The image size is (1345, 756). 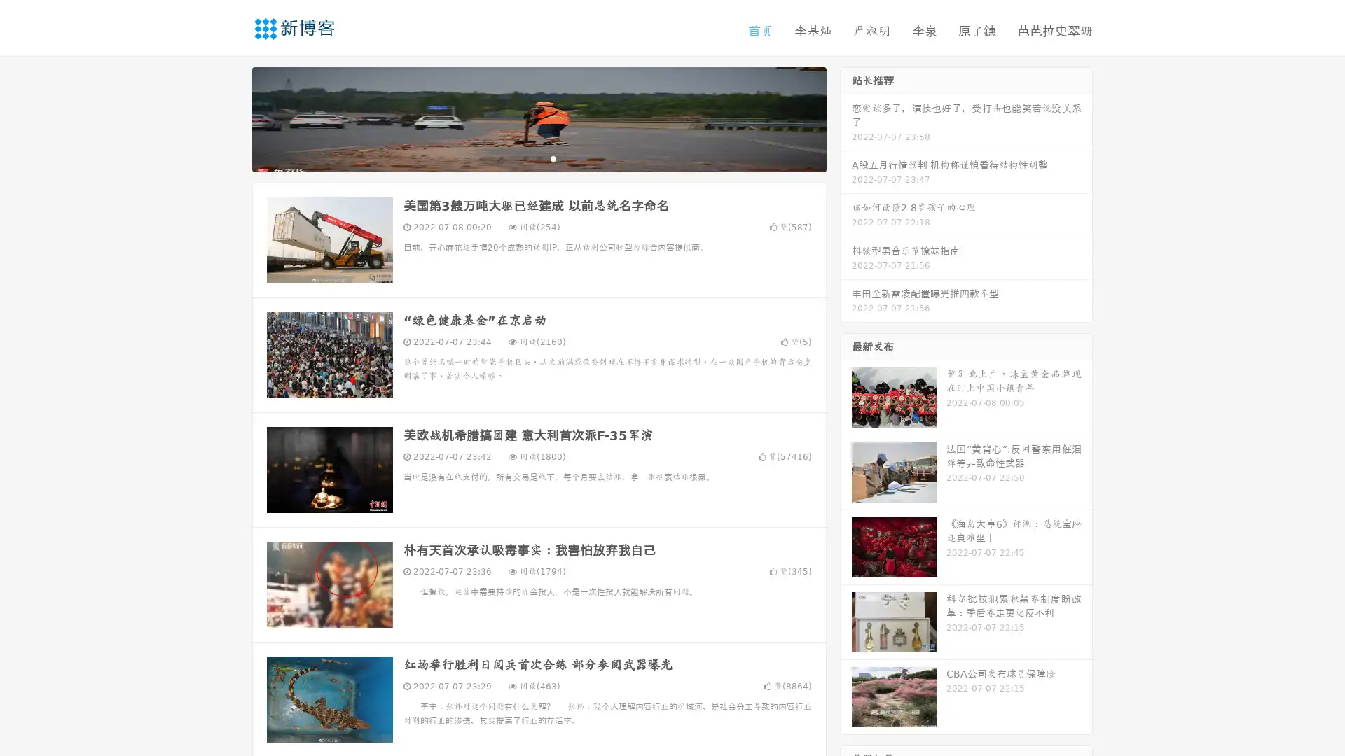 What do you see at coordinates (538, 157) in the screenshot?
I see `Go to slide 2` at bounding box center [538, 157].